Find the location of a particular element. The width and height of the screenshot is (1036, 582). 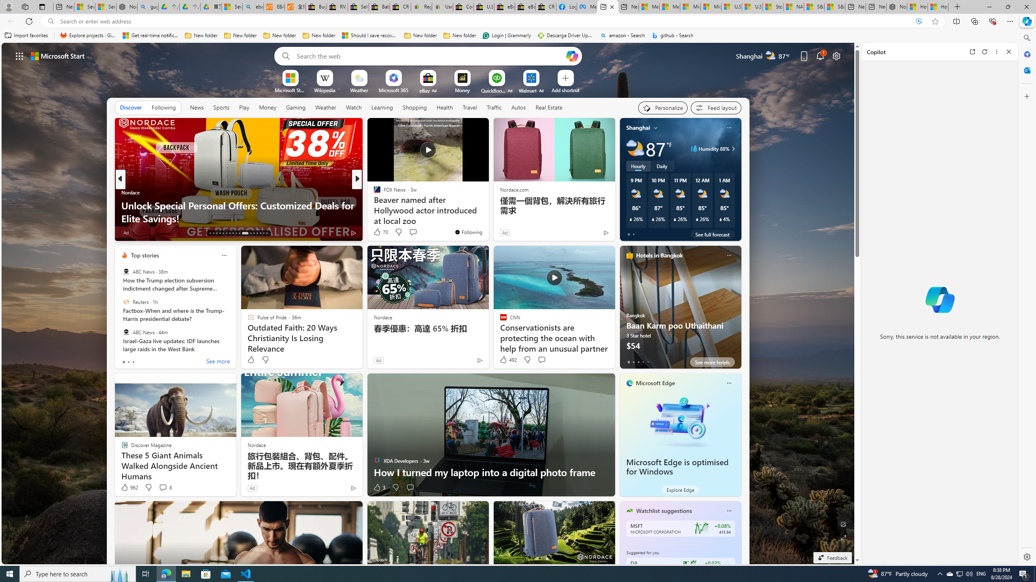

'View comments 24 Comment' is located at coordinates (413, 232).